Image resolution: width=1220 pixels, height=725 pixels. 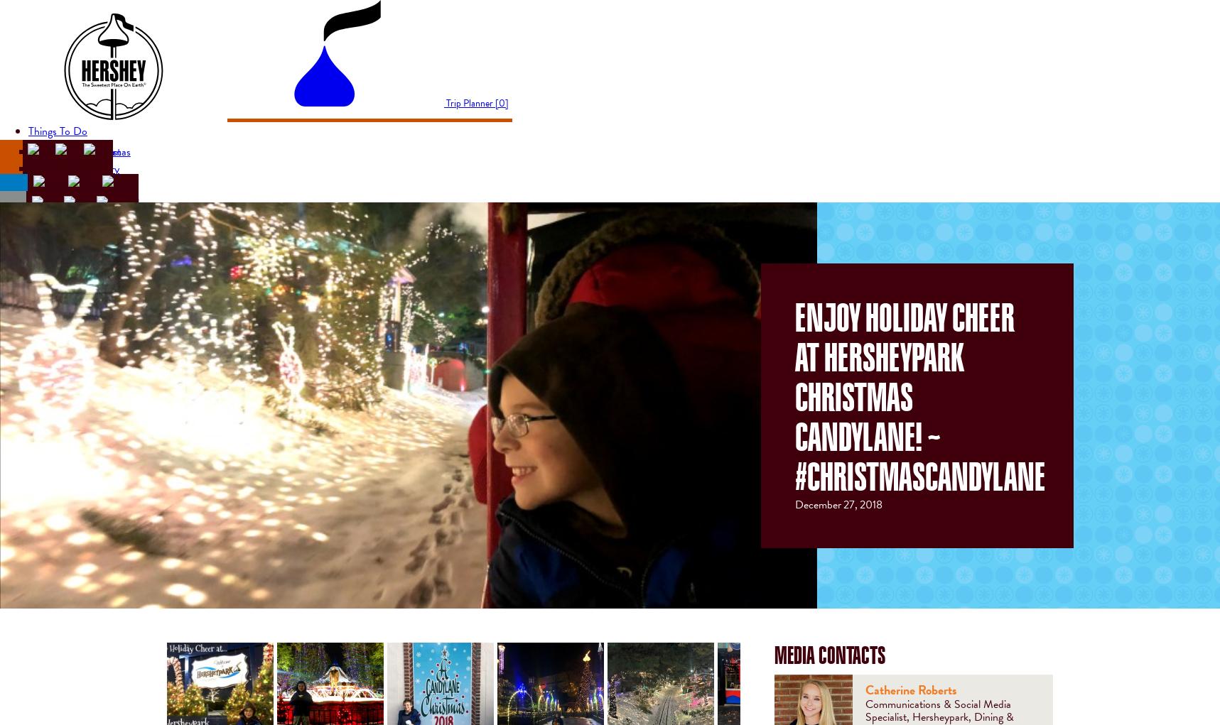 I want to click on 'Christmas', so click(x=107, y=151).